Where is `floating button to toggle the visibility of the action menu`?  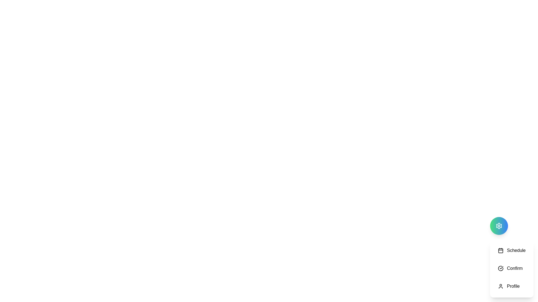 floating button to toggle the visibility of the action menu is located at coordinates (499, 225).